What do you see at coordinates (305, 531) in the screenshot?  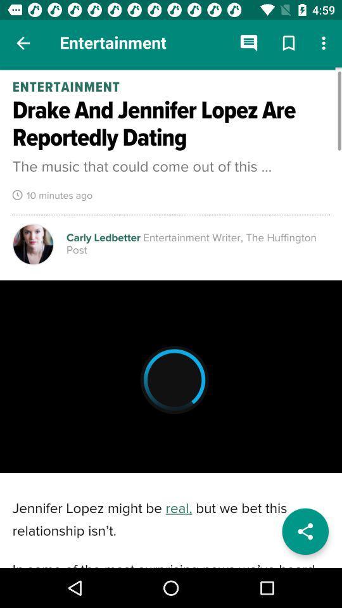 I see `the share icon` at bounding box center [305, 531].